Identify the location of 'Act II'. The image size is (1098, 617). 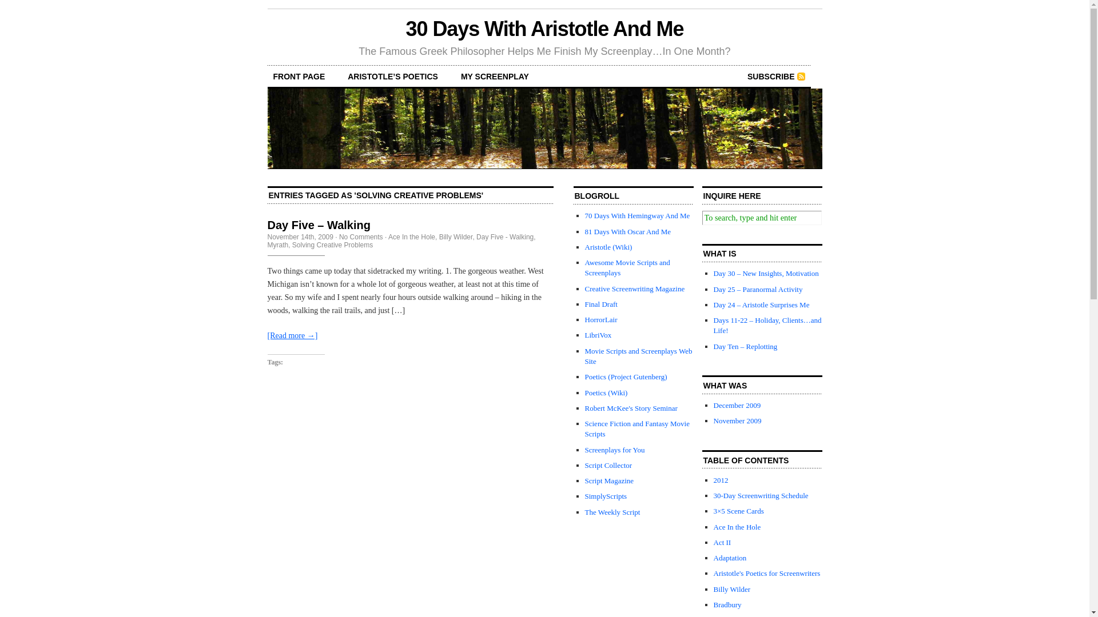
(713, 542).